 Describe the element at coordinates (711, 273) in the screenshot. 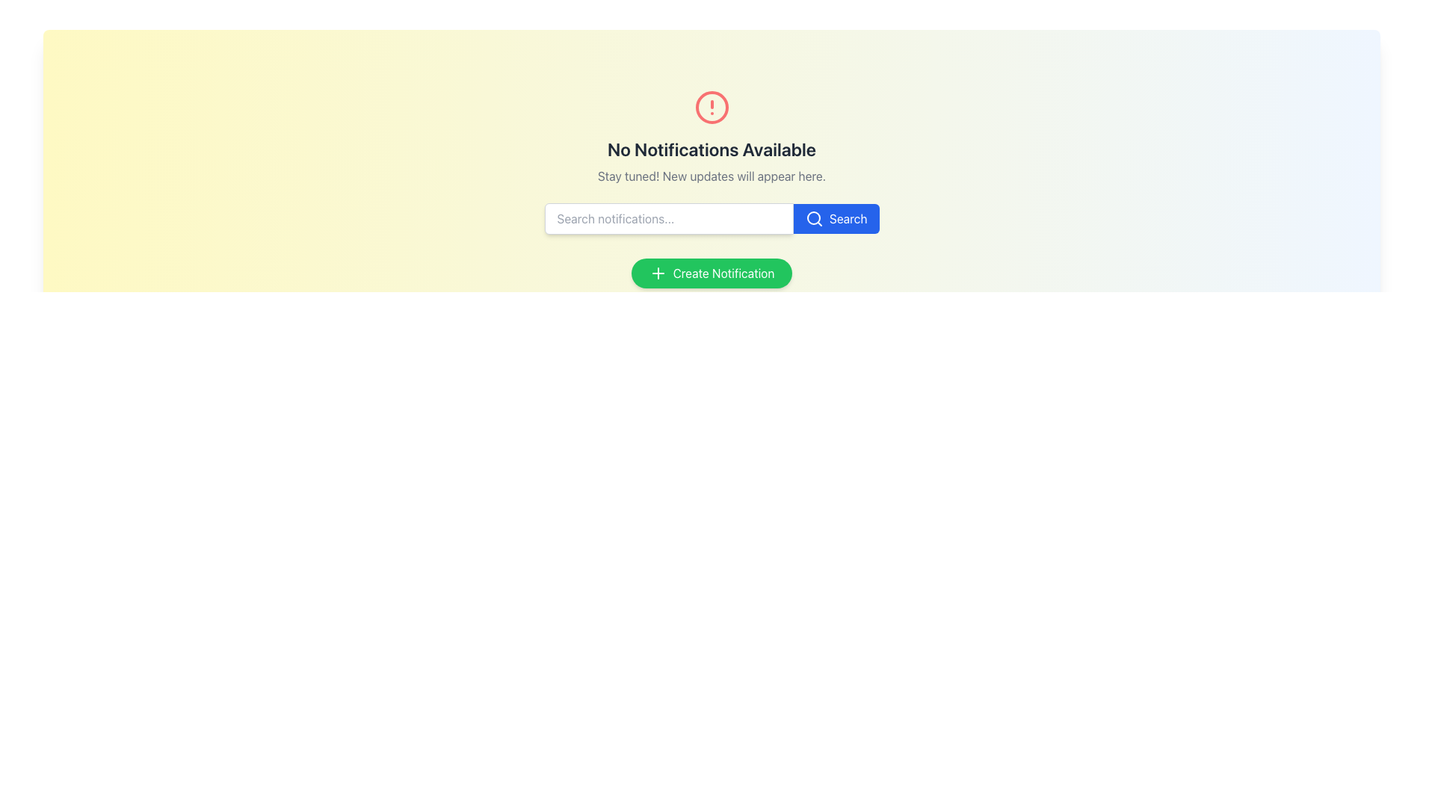

I see `the rounded green button labeled 'Create Notification' with a plus sign icon` at that location.